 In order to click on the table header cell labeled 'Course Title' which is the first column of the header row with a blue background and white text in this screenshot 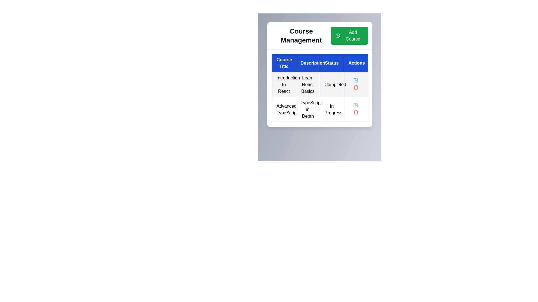, I will do `click(284, 63)`.